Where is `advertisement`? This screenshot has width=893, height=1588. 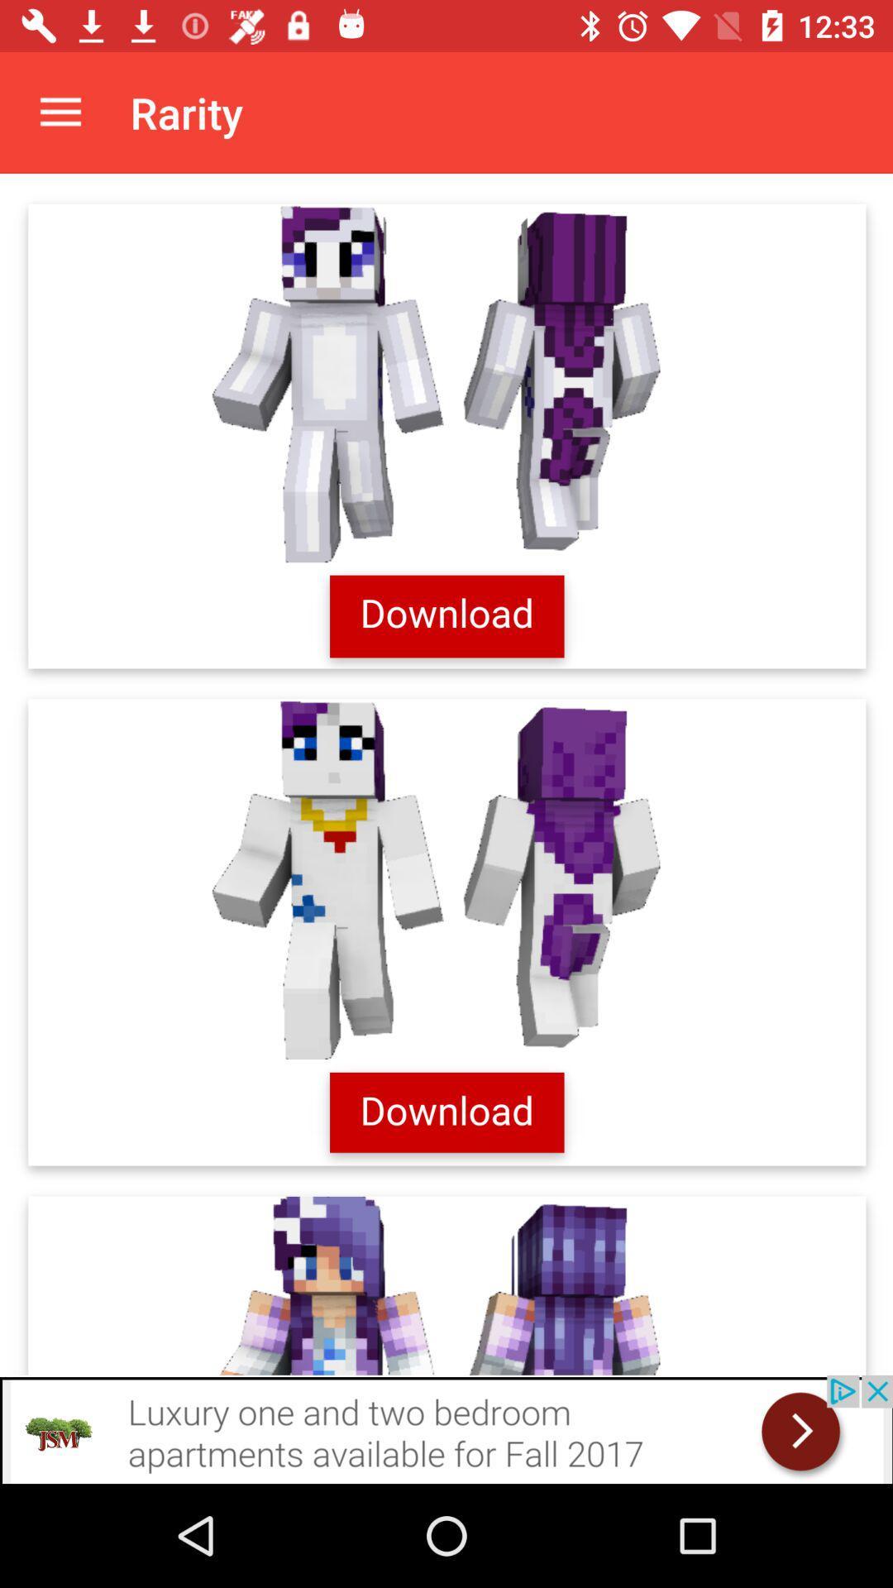 advertisement is located at coordinates (446, 773).